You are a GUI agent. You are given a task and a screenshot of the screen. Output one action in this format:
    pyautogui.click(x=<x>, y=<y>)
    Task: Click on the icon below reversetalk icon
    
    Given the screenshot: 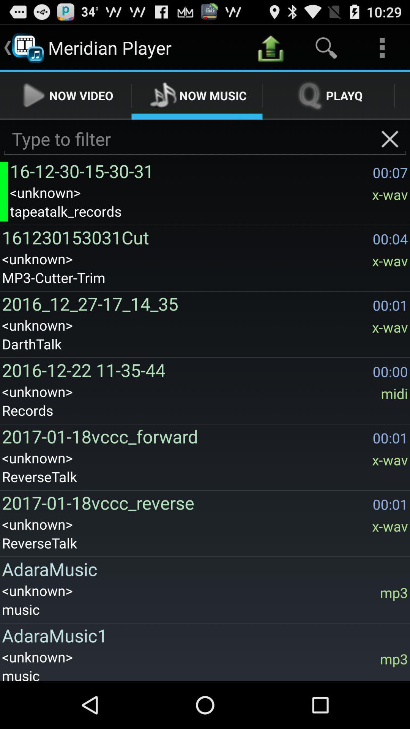 What is the action you would take?
    pyautogui.click(x=202, y=569)
    